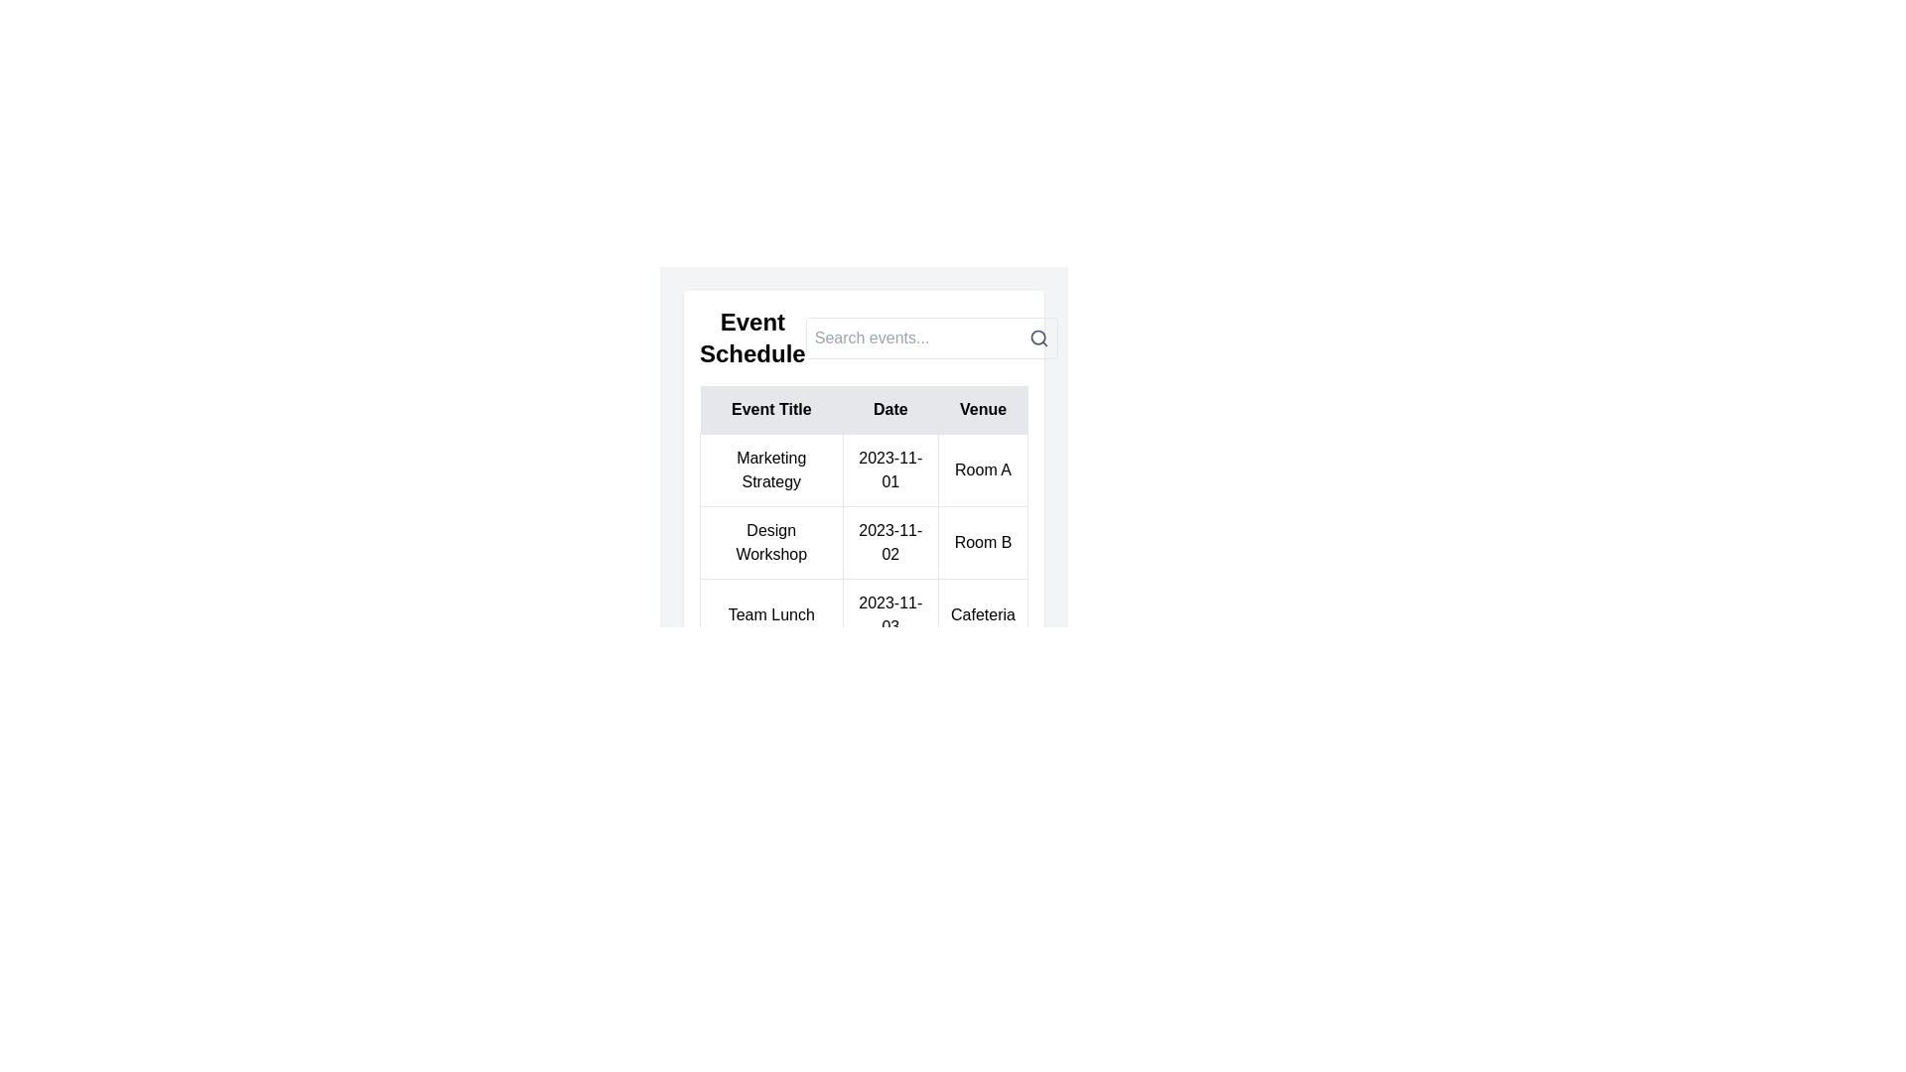  What do you see at coordinates (770, 543) in the screenshot?
I see `the 'Design Workshop' text label located in the second row under the 'Event Title' column of the event schedule table` at bounding box center [770, 543].